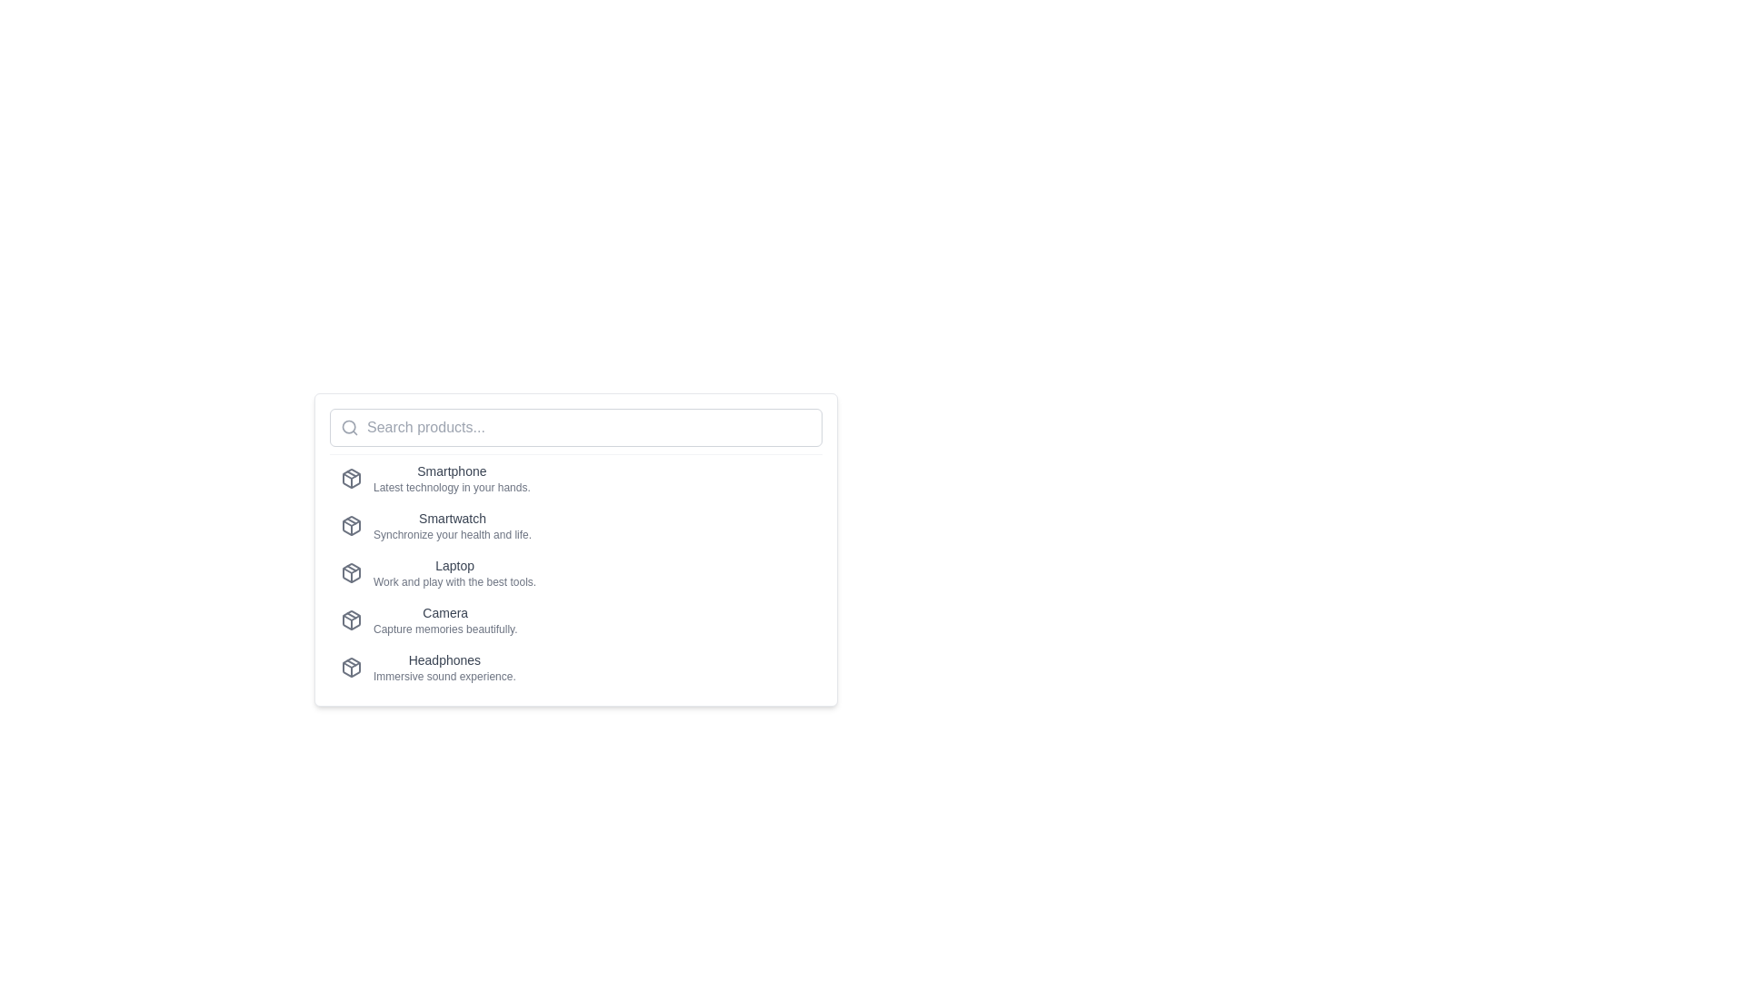  Describe the element at coordinates (452, 478) in the screenshot. I see `the text element displaying 'Smartphone' which is the second item in a vertical menu list` at that location.